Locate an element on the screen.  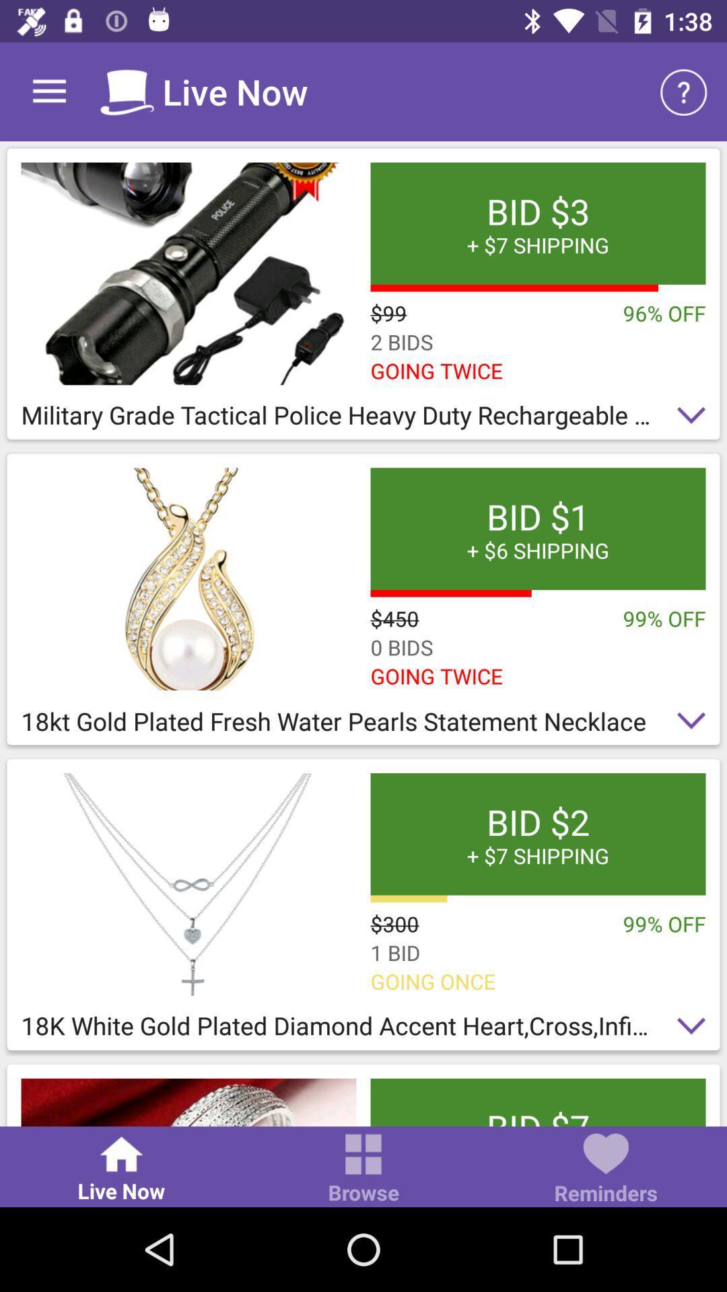
image is located at coordinates (188, 273).